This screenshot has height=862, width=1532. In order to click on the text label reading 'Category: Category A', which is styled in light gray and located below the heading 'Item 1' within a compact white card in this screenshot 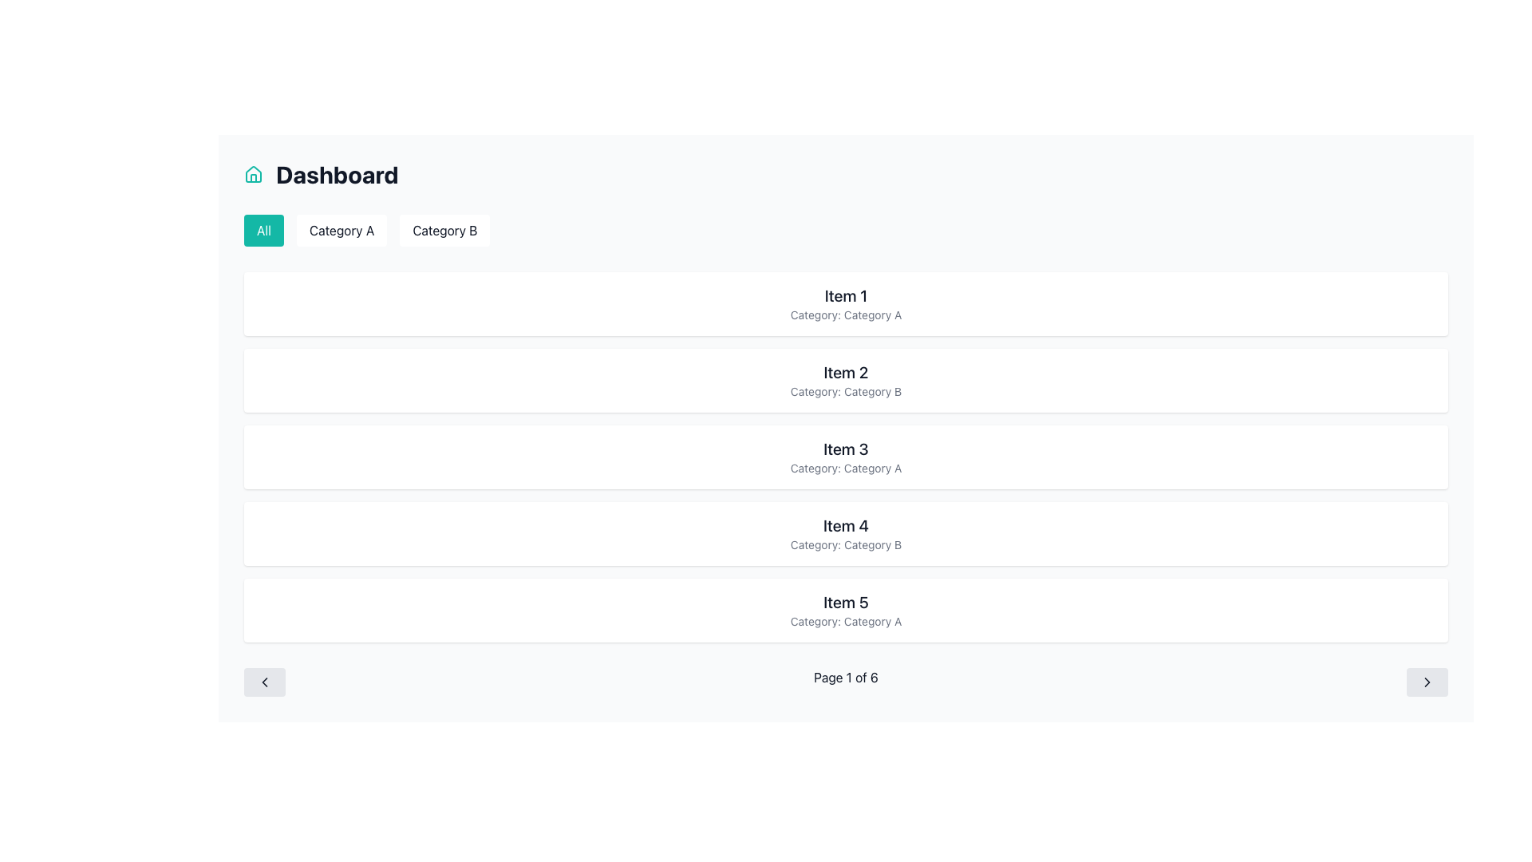, I will do `click(845, 314)`.